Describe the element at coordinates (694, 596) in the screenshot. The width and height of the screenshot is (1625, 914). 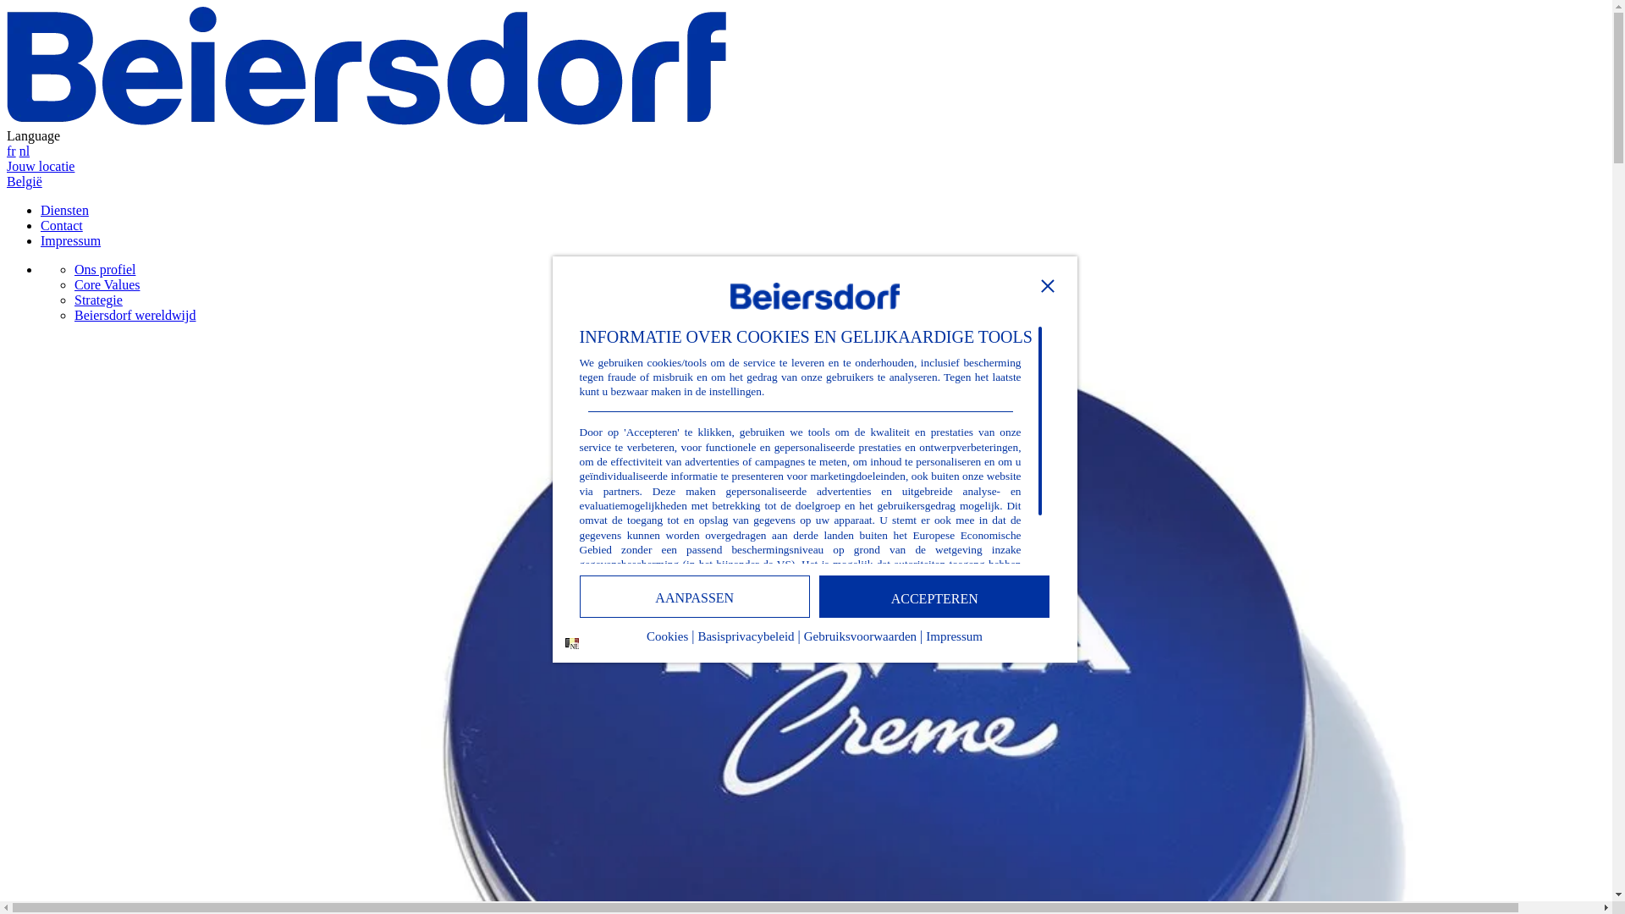
I see `'AANPASSEN'` at that location.